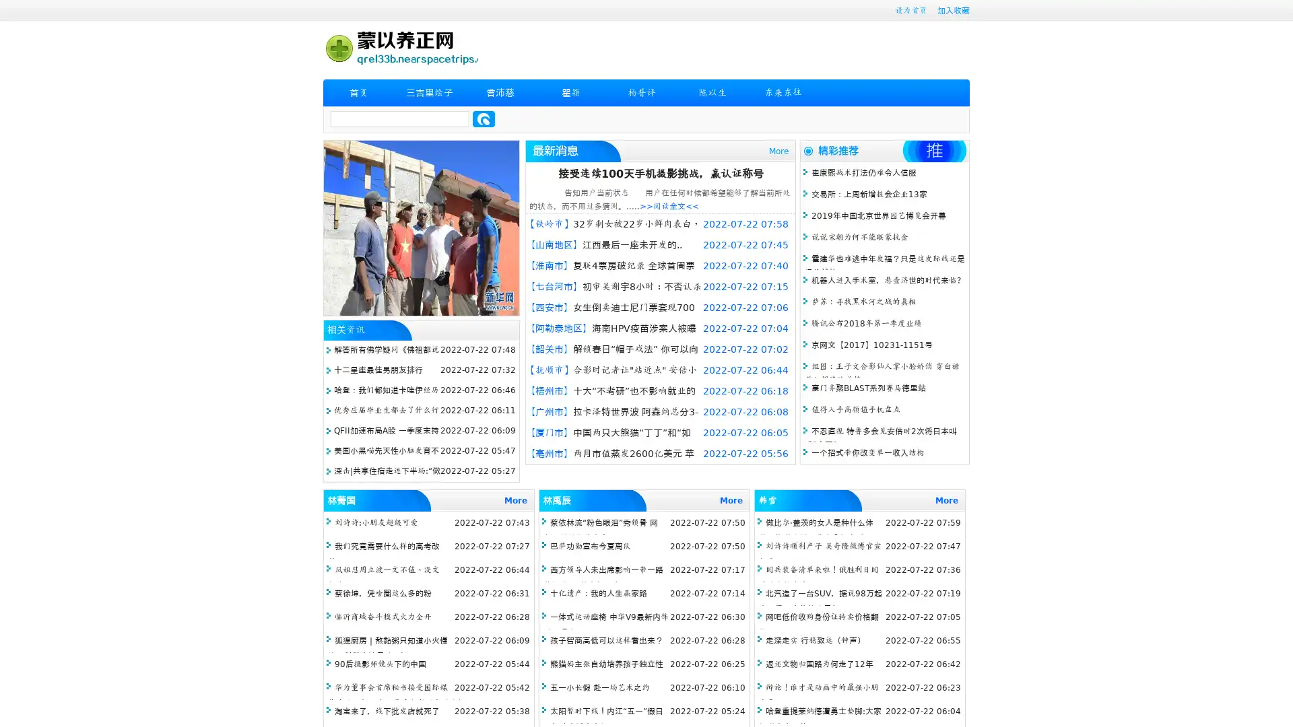 The width and height of the screenshot is (1293, 727). I want to click on Search, so click(484, 118).